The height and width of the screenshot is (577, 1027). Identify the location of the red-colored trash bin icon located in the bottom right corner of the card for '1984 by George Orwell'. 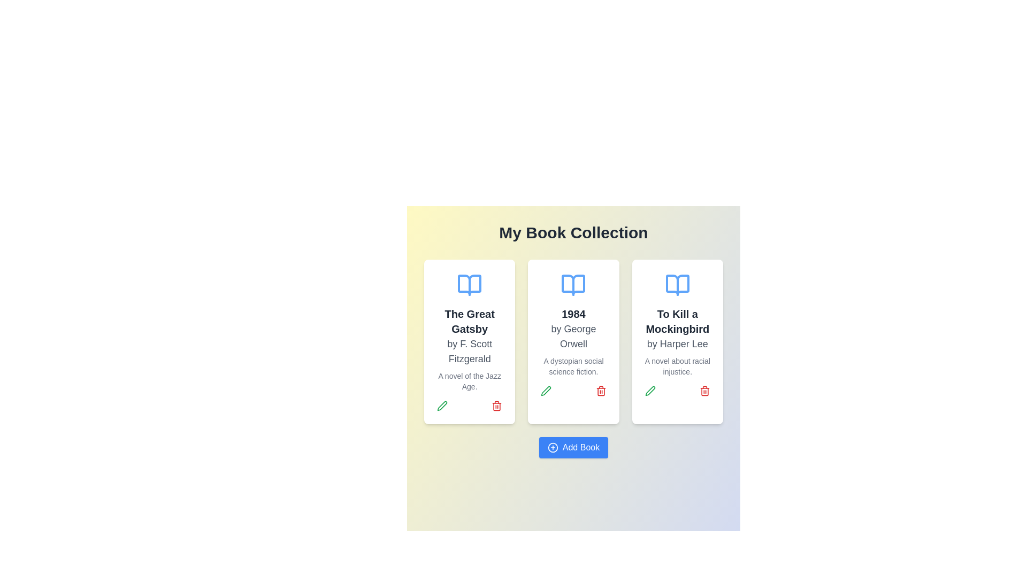
(601, 391).